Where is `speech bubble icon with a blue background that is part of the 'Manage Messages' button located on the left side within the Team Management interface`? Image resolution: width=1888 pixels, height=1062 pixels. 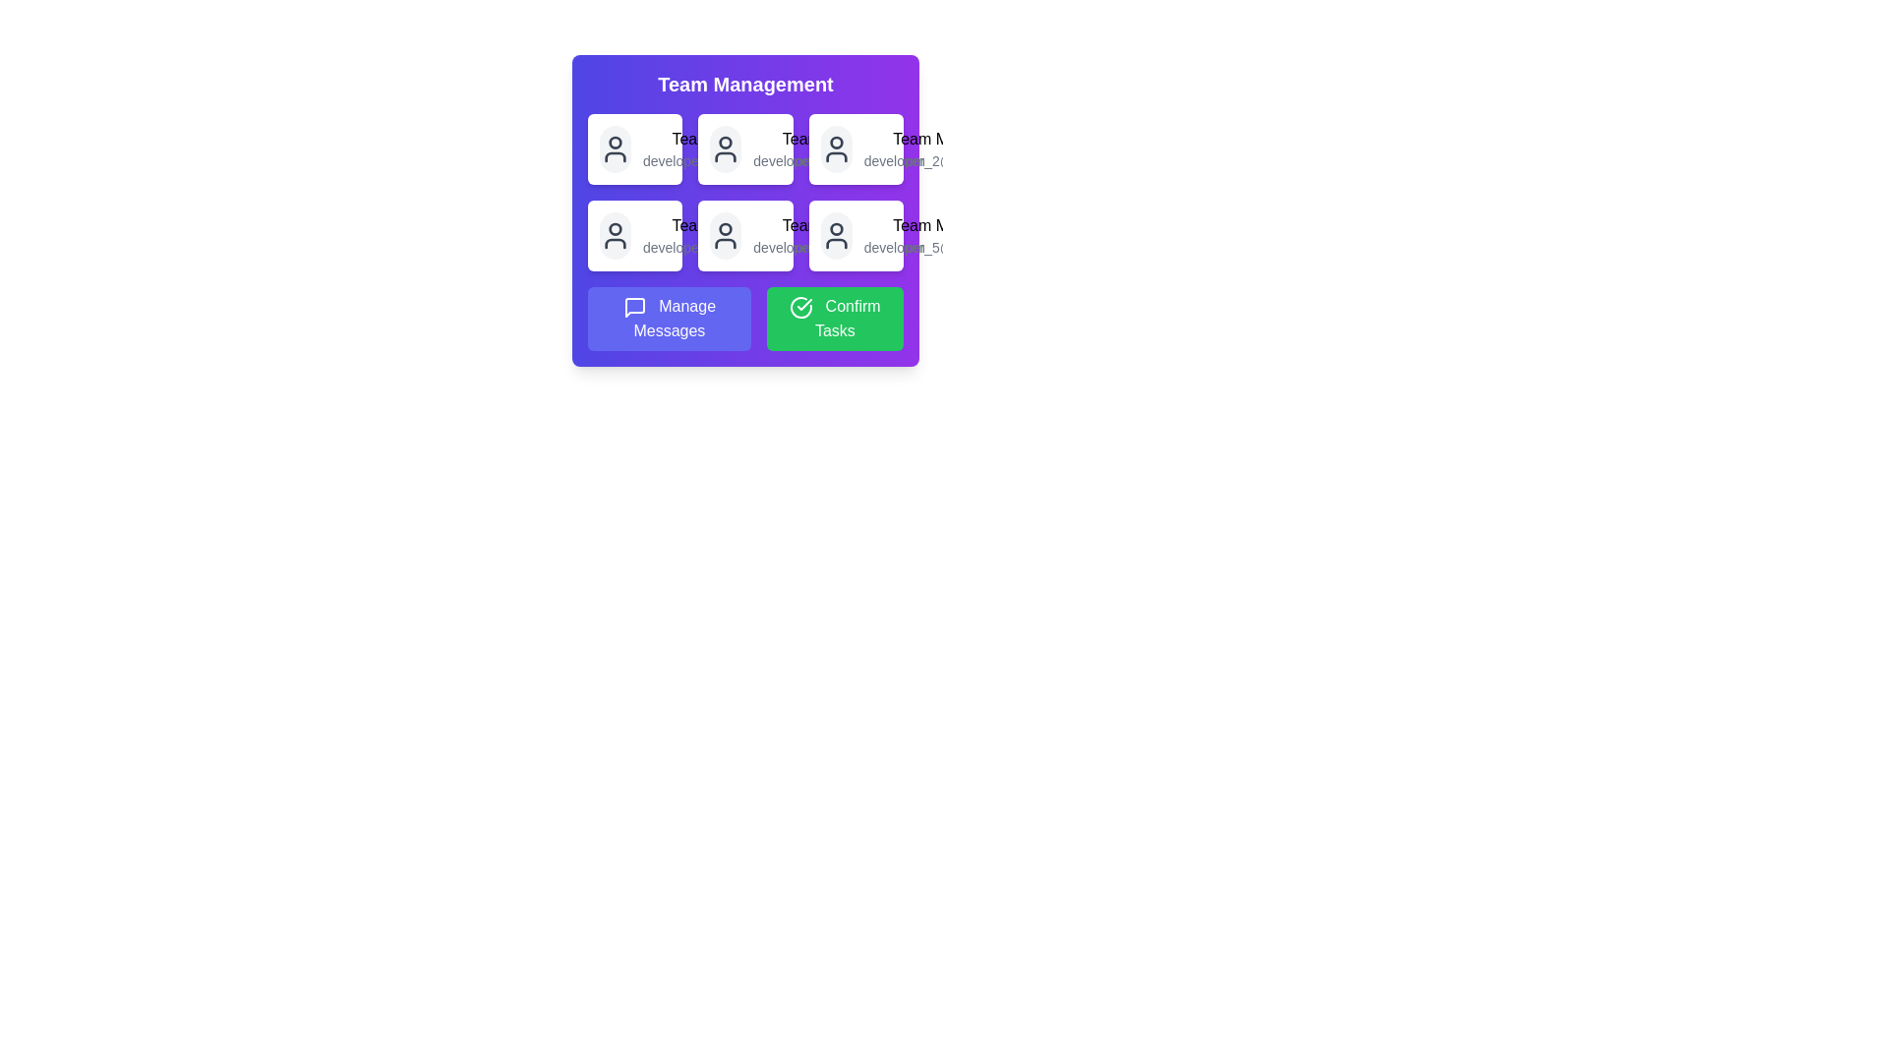
speech bubble icon with a blue background that is part of the 'Manage Messages' button located on the left side within the Team Management interface is located at coordinates (634, 307).